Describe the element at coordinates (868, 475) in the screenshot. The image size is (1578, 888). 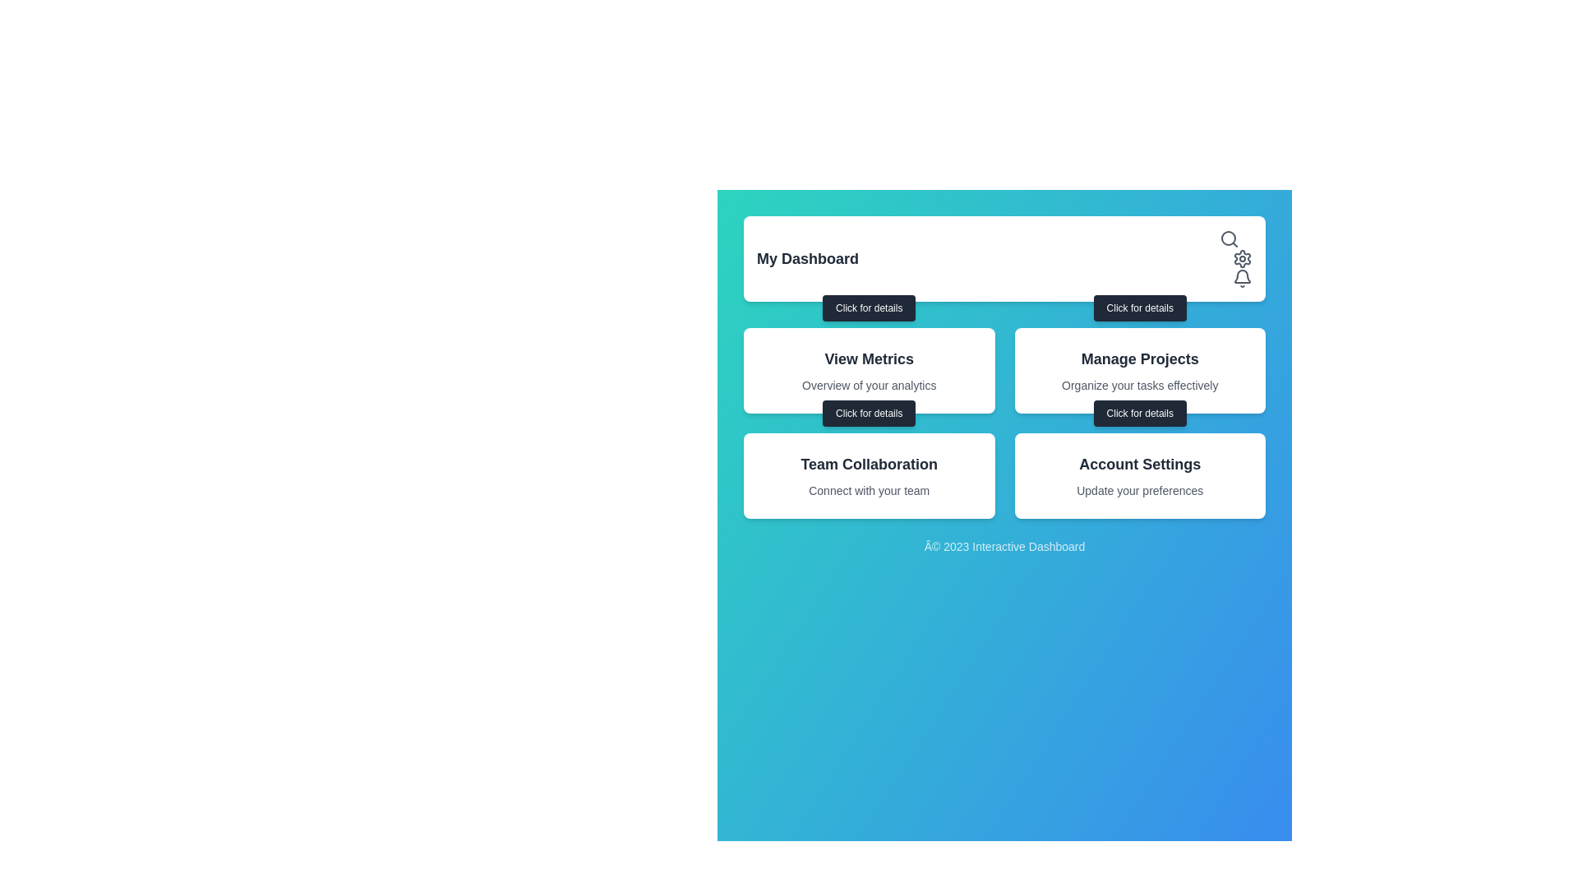
I see `the Card Component located in the lower-left part of the grid layout, positioned in the second row and first column` at that location.